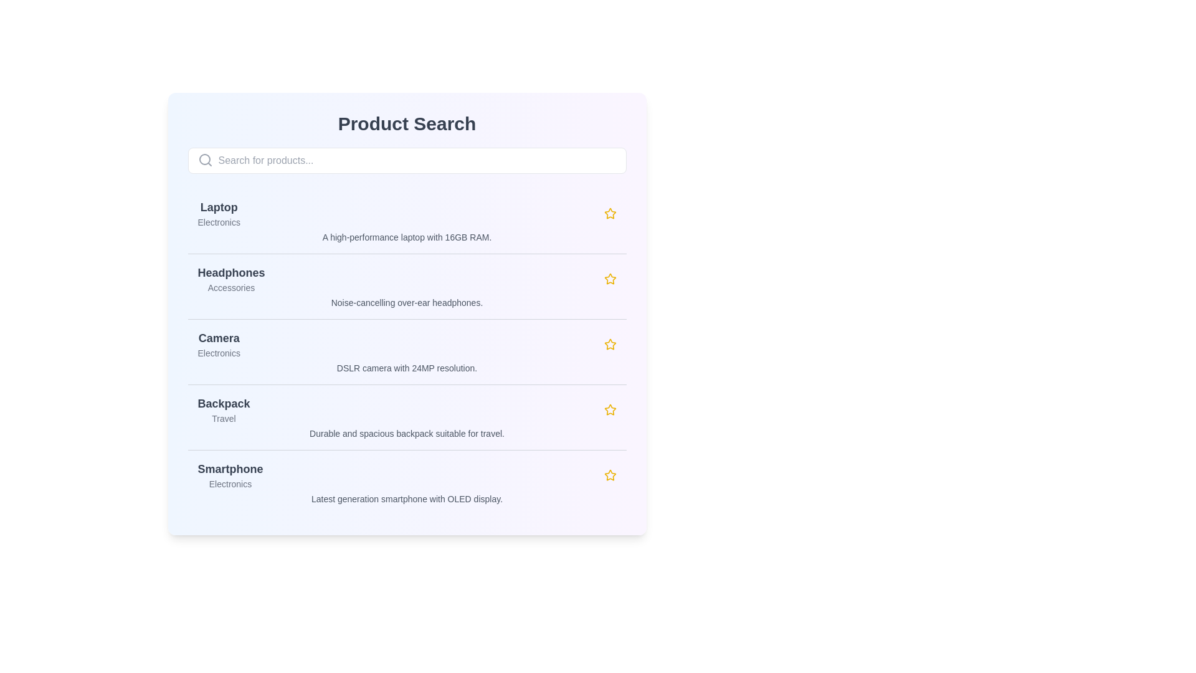  What do you see at coordinates (407, 482) in the screenshot?
I see `the product listing for the smartphone in the product search interface` at bounding box center [407, 482].